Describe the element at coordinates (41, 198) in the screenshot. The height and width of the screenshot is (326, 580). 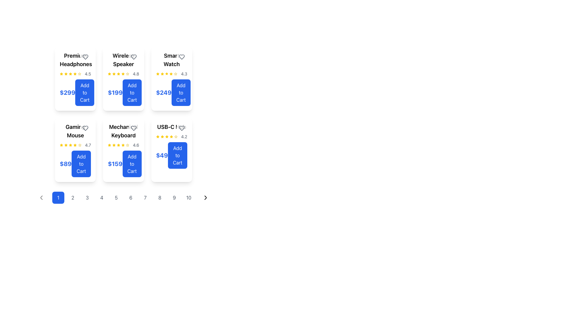
I see `the leftward chevron icon that navigates to the previous page in the paginated view` at that location.